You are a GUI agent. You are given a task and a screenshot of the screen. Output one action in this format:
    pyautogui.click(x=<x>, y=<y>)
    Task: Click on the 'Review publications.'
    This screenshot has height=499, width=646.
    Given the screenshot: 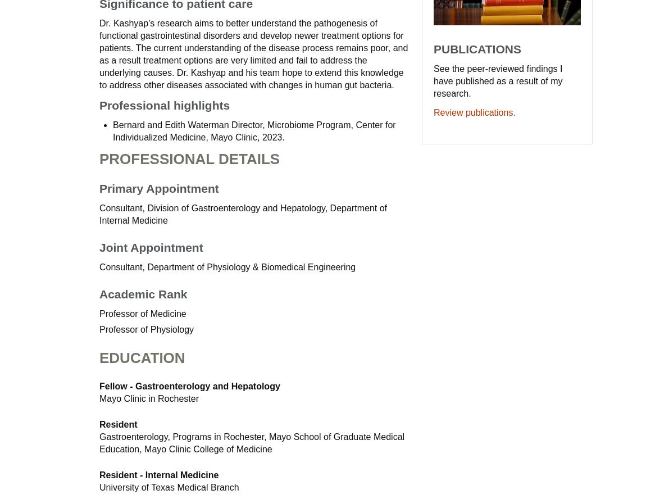 What is the action you would take?
    pyautogui.click(x=474, y=111)
    